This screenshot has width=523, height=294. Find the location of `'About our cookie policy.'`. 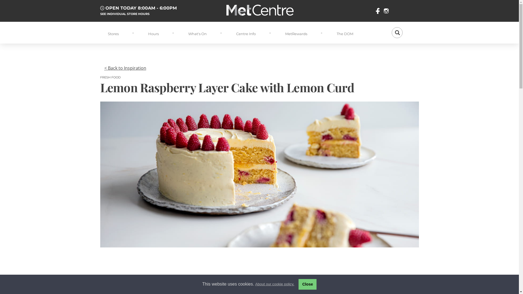

'About our cookie policy.' is located at coordinates (274, 284).